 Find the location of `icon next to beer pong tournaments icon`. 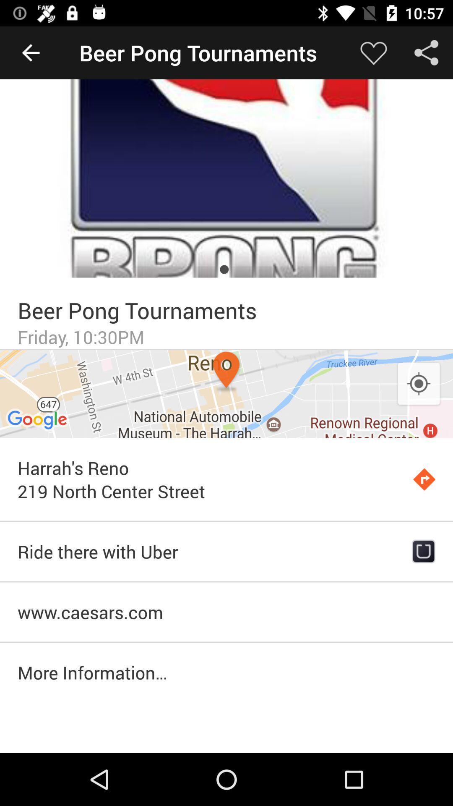

icon next to beer pong tournaments icon is located at coordinates (373, 52).